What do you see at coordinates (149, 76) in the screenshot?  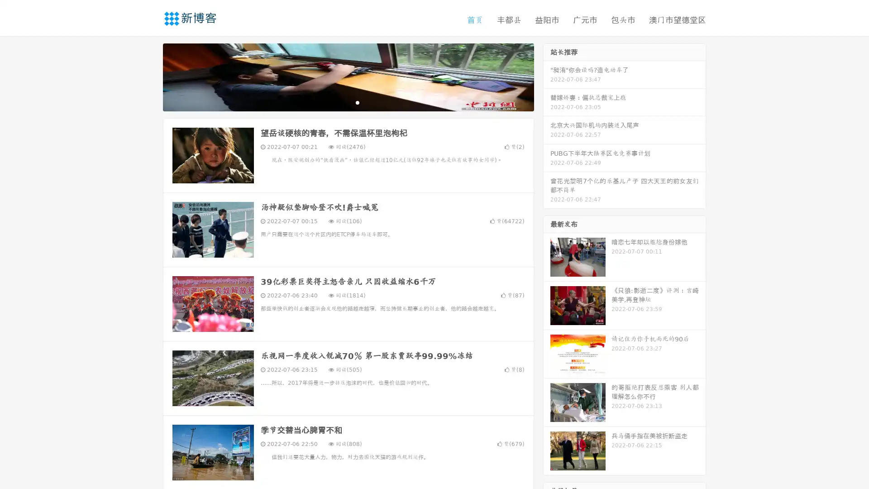 I see `Previous slide` at bounding box center [149, 76].